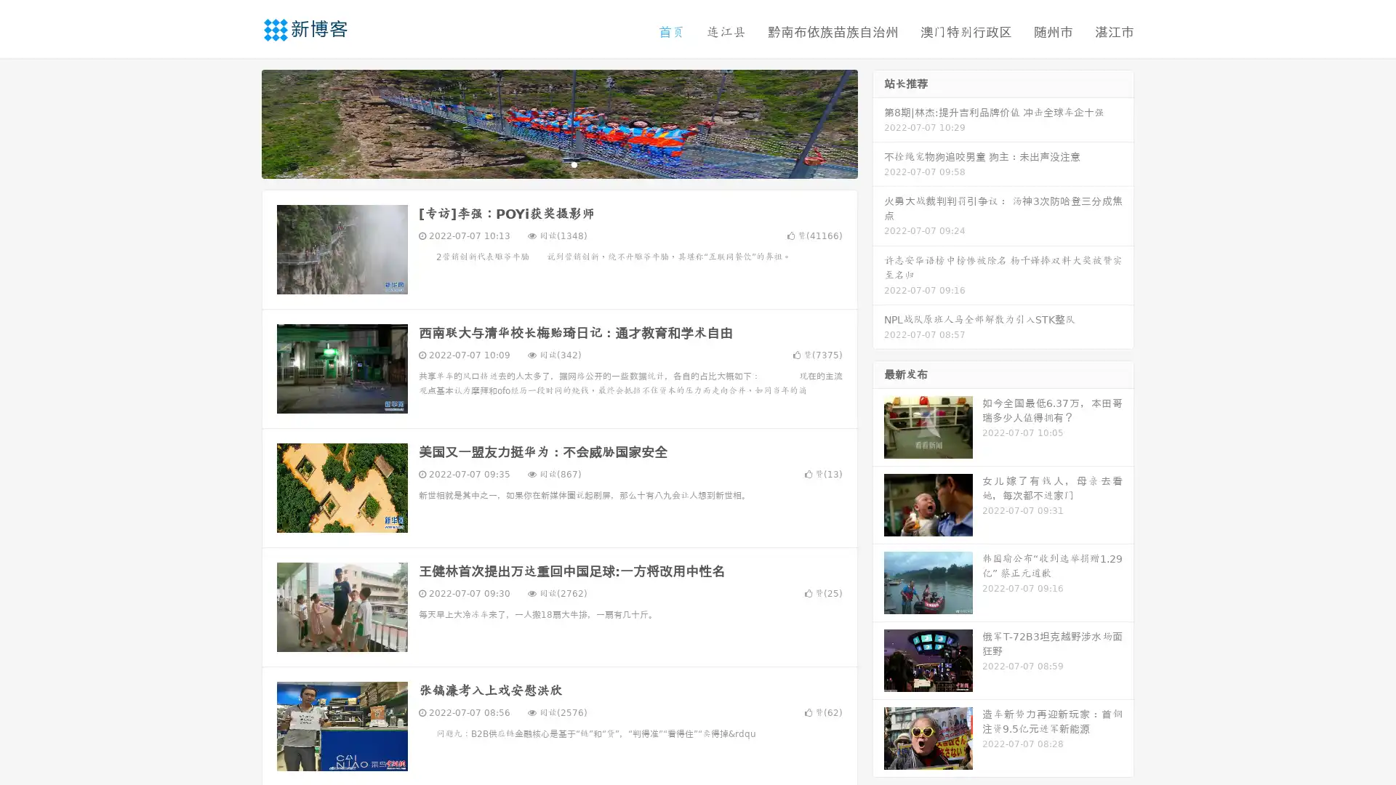  What do you see at coordinates (878, 122) in the screenshot?
I see `Next slide` at bounding box center [878, 122].